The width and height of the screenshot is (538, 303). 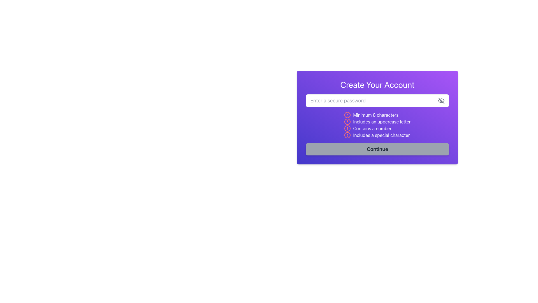 I want to click on the prominently styled 'Continue' button with bold dark gray text on a light gray background, located at the bottom of a purple card, so click(x=377, y=149).